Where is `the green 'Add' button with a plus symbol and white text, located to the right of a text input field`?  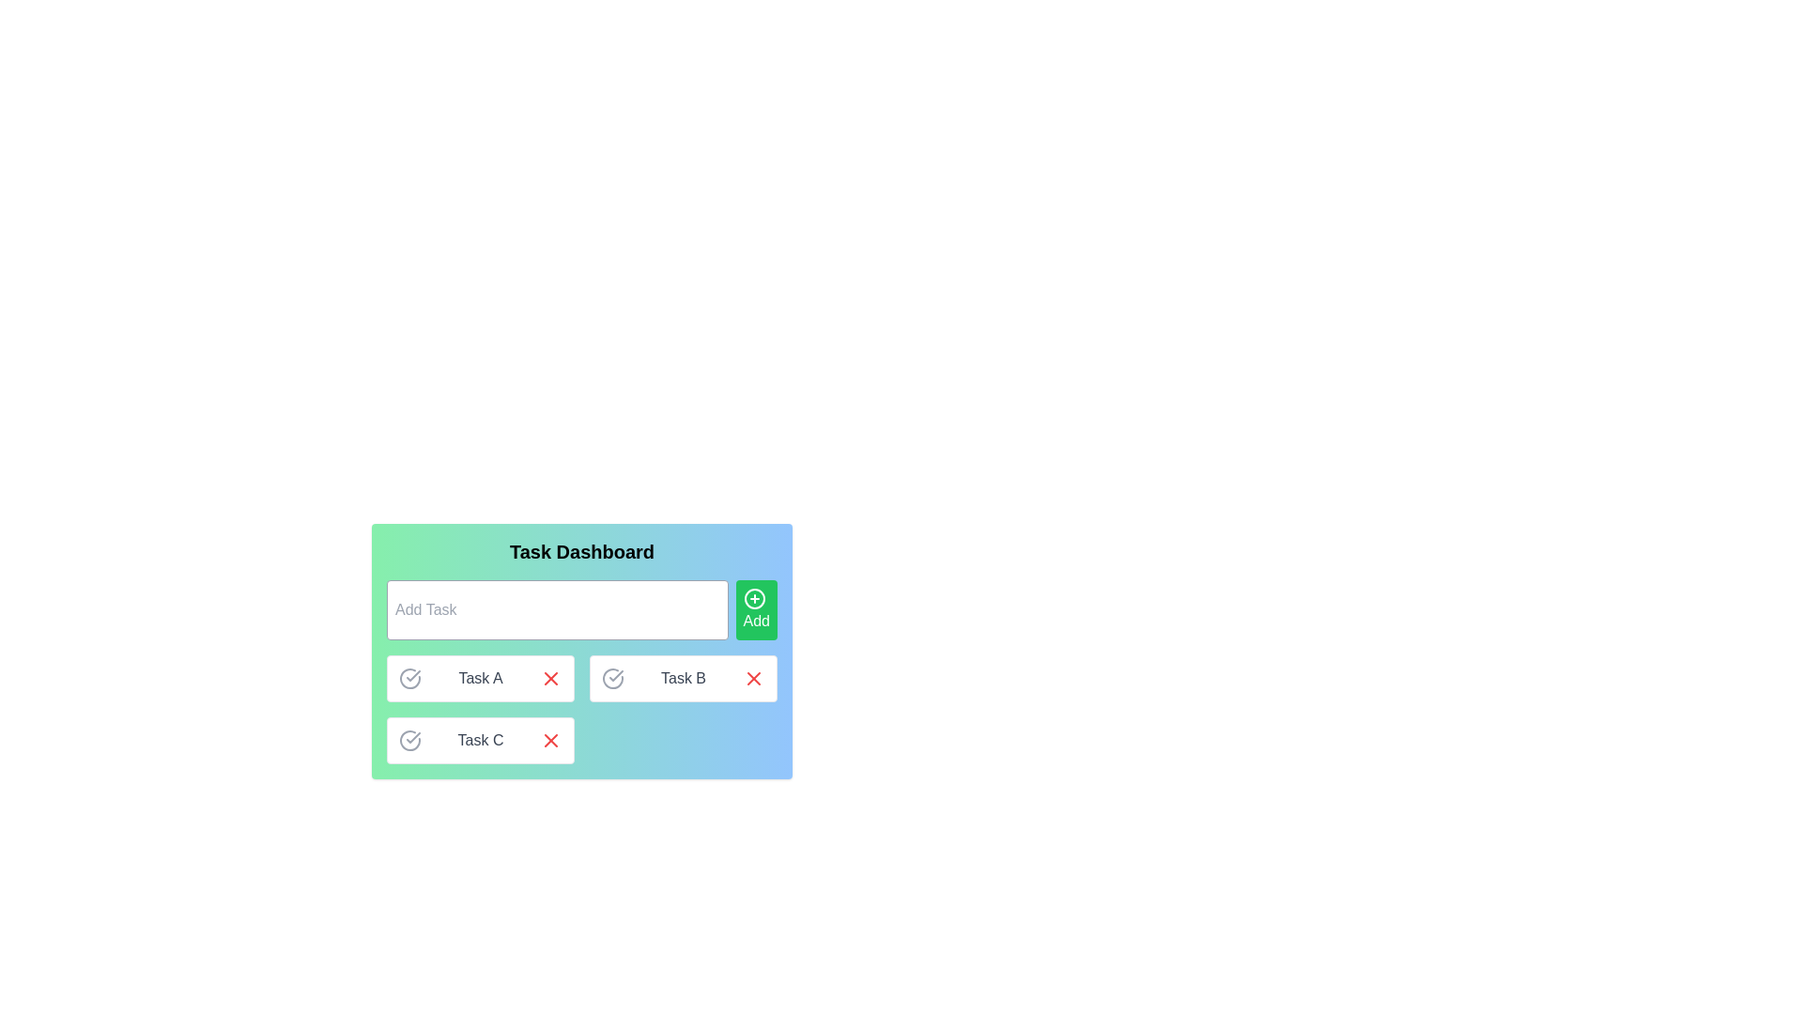 the green 'Add' button with a plus symbol and white text, located to the right of a text input field is located at coordinates (756, 610).